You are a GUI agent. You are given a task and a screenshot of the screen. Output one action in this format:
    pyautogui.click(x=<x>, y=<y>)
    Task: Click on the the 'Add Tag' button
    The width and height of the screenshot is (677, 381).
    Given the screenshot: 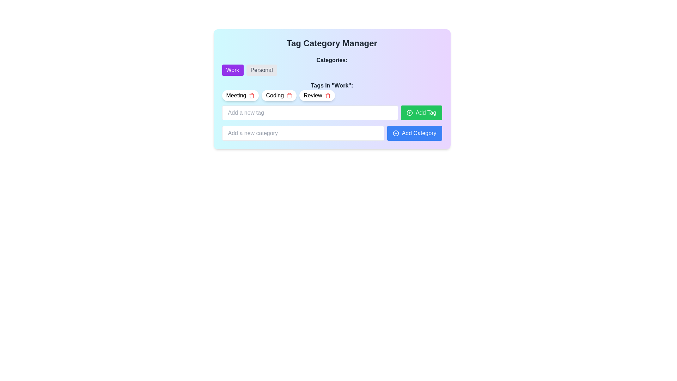 What is the action you would take?
    pyautogui.click(x=421, y=113)
    